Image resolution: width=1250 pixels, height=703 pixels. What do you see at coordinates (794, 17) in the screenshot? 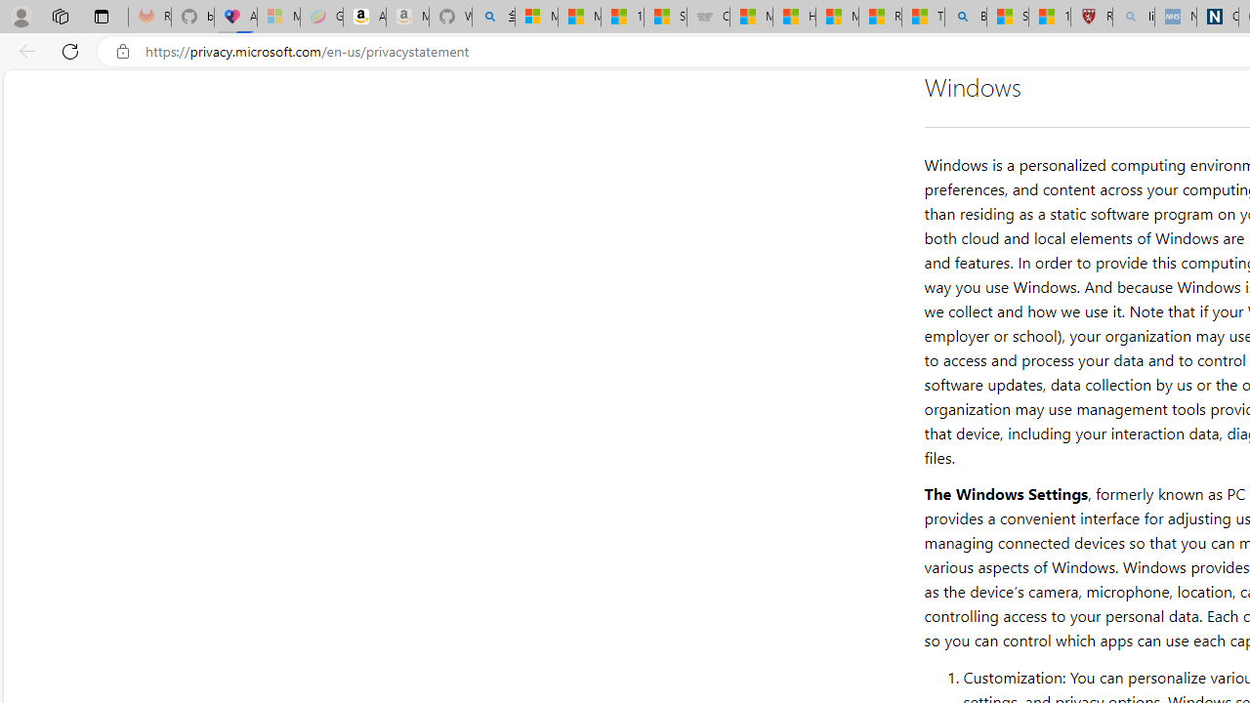
I see `'How I Got Rid of Microsoft Edge'` at bounding box center [794, 17].